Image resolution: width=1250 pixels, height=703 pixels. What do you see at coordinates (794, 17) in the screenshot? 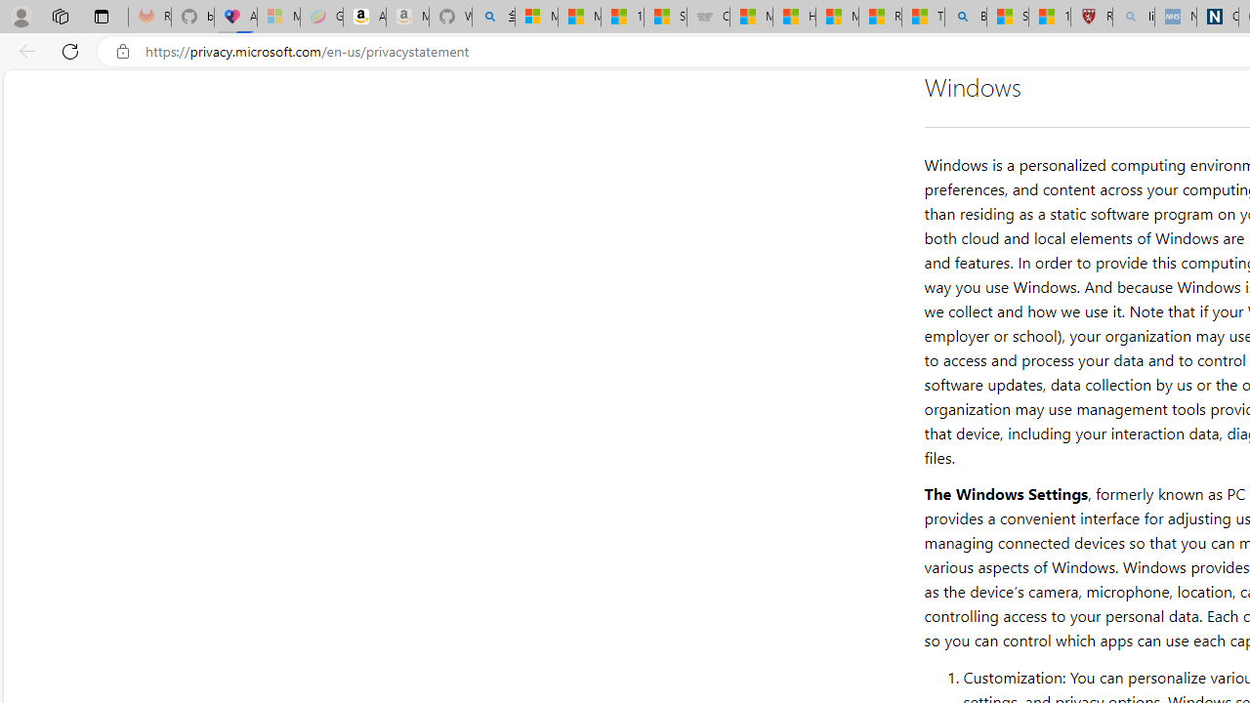
I see `'How I Got Rid of Microsoft Edge'` at bounding box center [794, 17].